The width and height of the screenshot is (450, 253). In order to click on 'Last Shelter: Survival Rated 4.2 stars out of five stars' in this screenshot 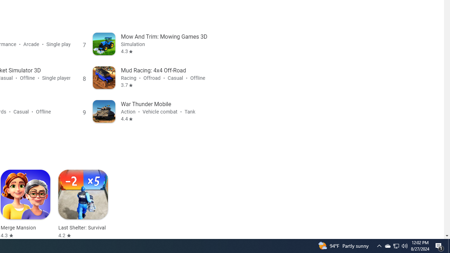, I will do `click(83, 204)`.